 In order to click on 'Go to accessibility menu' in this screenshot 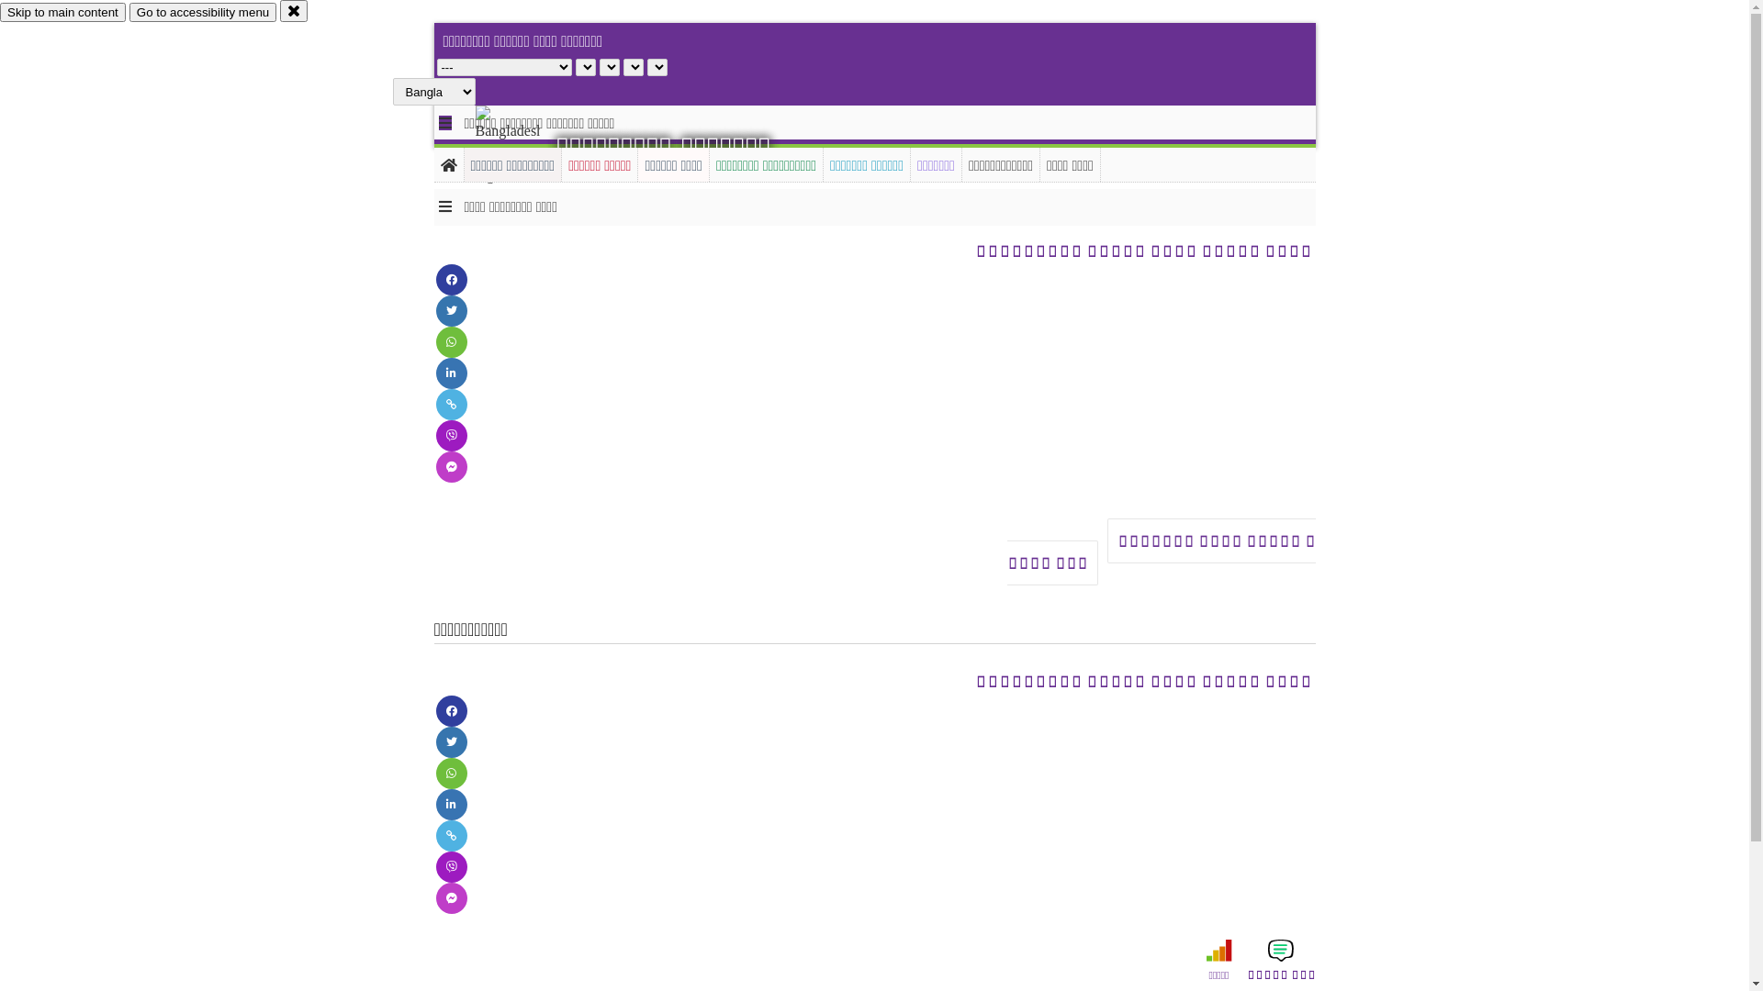, I will do `click(128, 12)`.